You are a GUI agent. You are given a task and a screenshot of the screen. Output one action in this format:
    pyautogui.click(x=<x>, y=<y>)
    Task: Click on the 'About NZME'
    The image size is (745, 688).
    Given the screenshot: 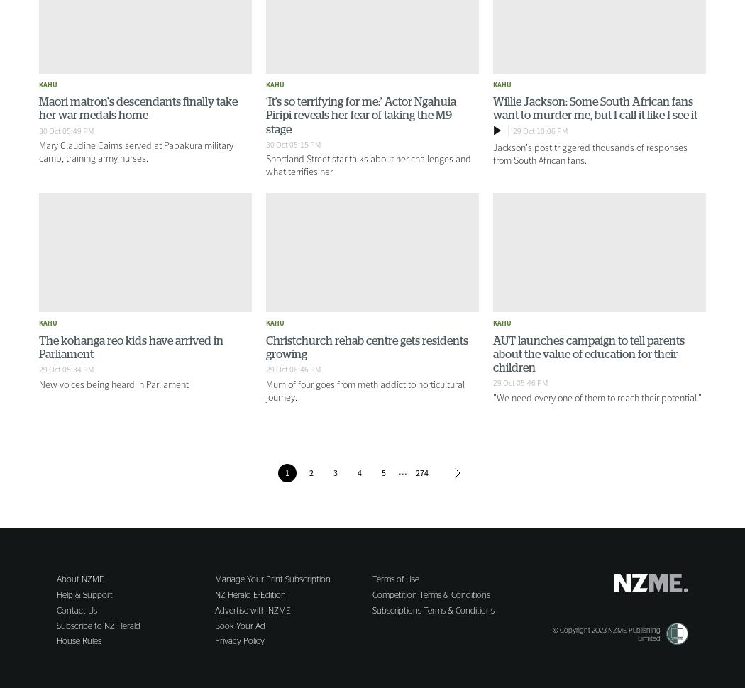 What is the action you would take?
    pyautogui.click(x=79, y=579)
    